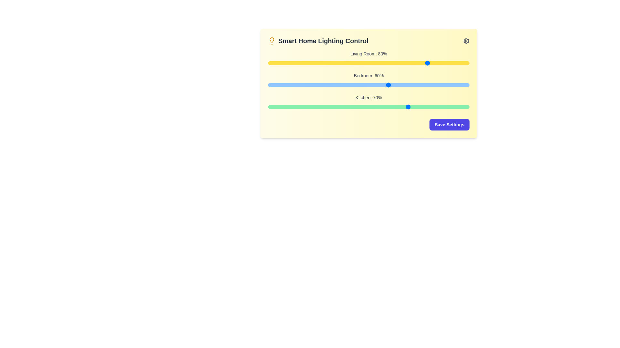  Describe the element at coordinates (276, 63) in the screenshot. I see `the Living Room brightness` at that location.